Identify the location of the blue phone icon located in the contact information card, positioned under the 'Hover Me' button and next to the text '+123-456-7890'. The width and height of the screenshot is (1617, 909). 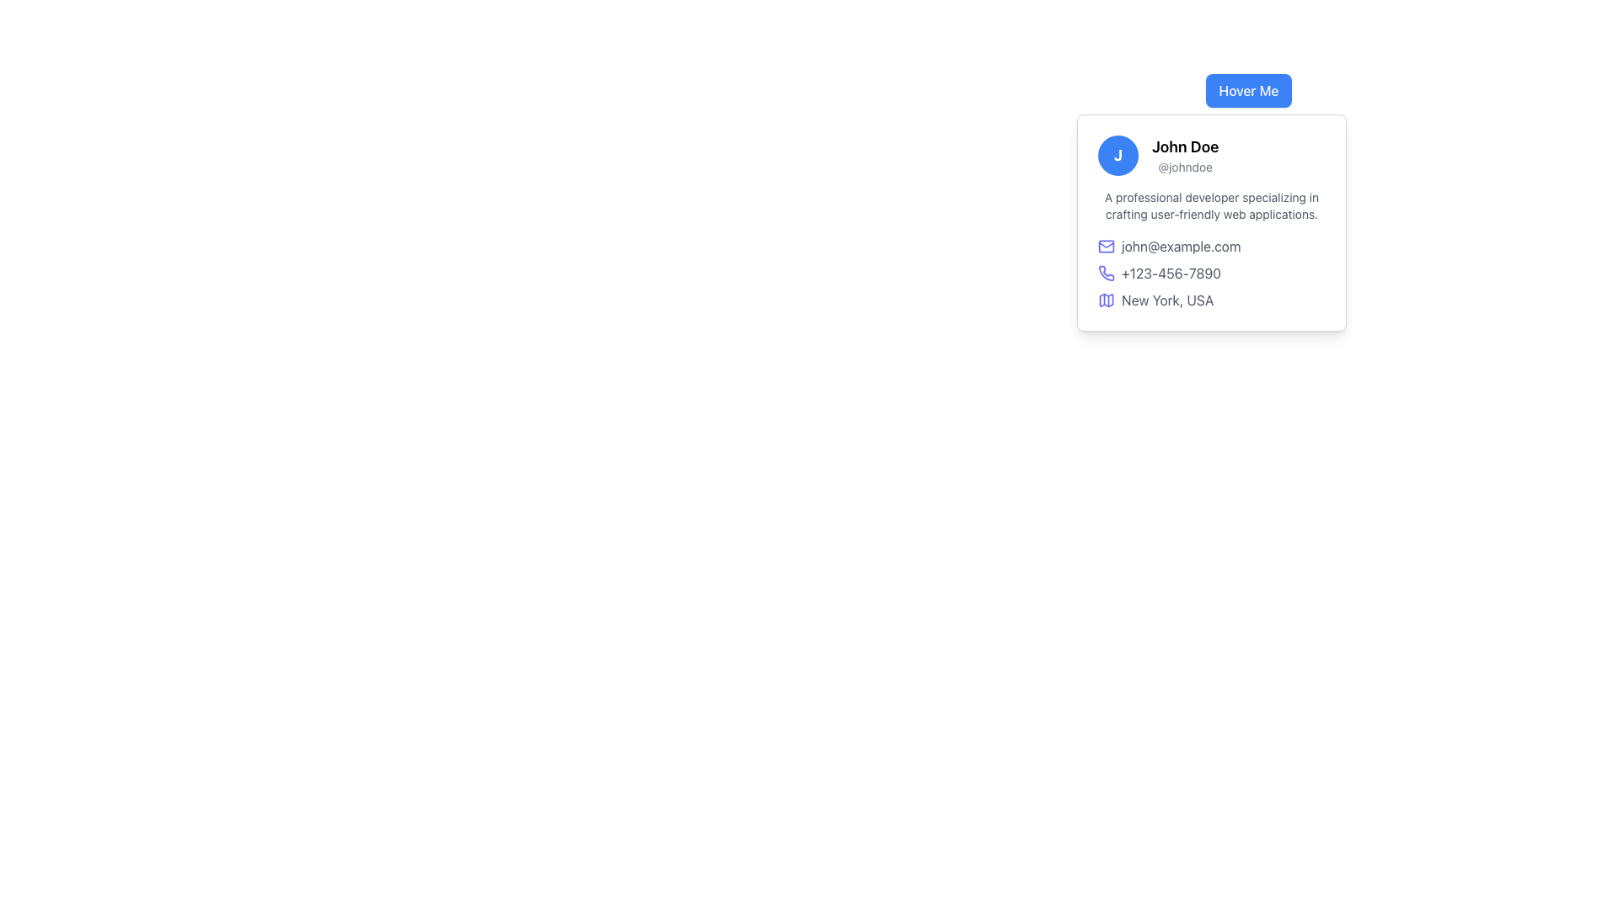
(1107, 272).